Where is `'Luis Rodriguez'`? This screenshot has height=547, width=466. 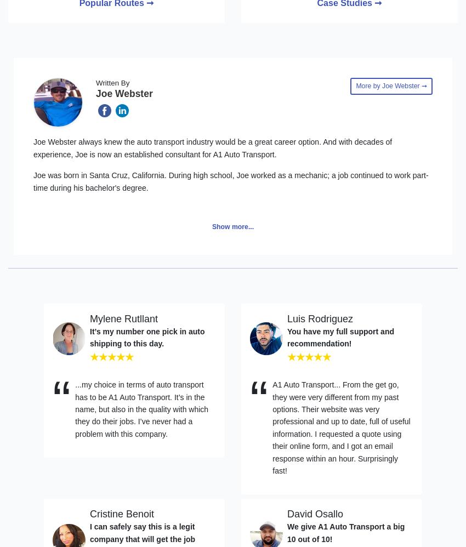
'Luis Rodriguez' is located at coordinates (320, 318).